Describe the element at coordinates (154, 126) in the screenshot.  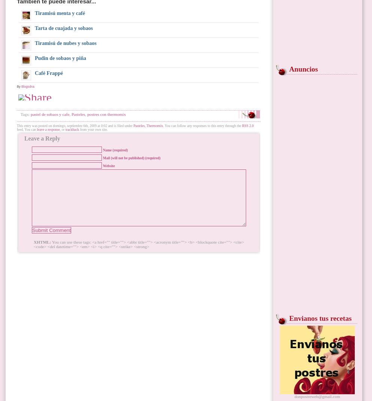
I see `'Thermomix'` at that location.